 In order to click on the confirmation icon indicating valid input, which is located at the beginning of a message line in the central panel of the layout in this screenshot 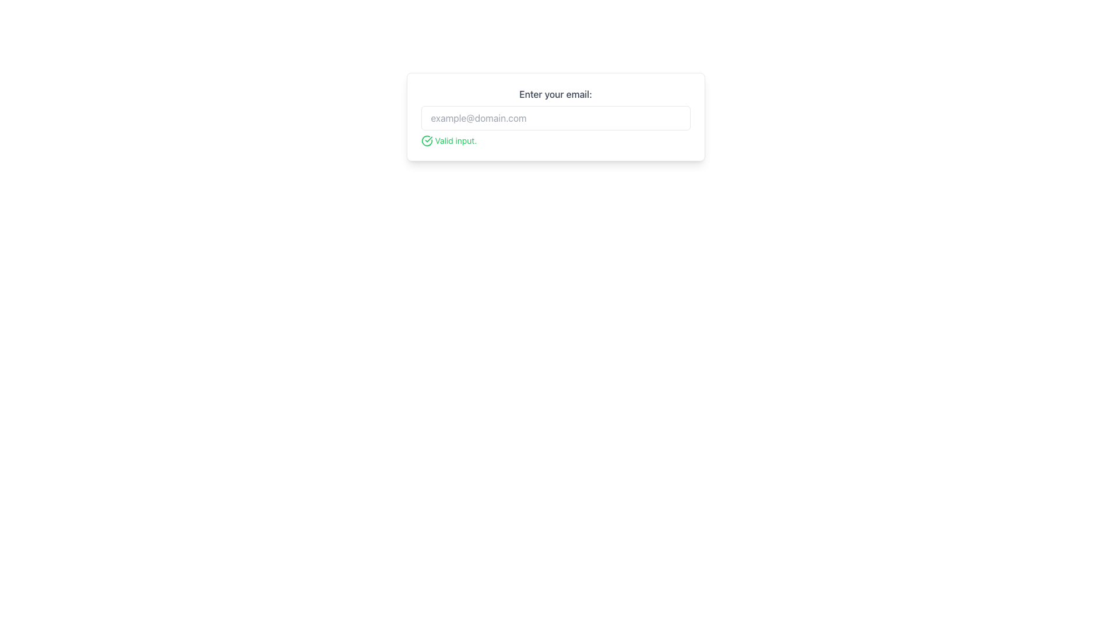, I will do `click(426, 140)`.